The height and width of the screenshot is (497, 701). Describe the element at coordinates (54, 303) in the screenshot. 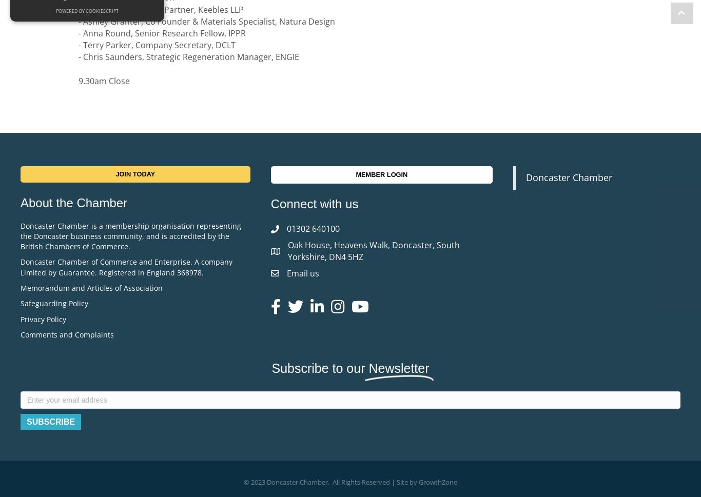

I see `'Safeguarding Policy'` at that location.